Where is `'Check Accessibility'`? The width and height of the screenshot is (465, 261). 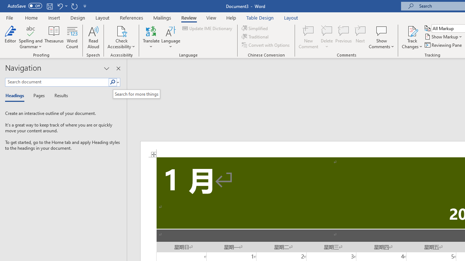 'Check Accessibility' is located at coordinates (121, 37).